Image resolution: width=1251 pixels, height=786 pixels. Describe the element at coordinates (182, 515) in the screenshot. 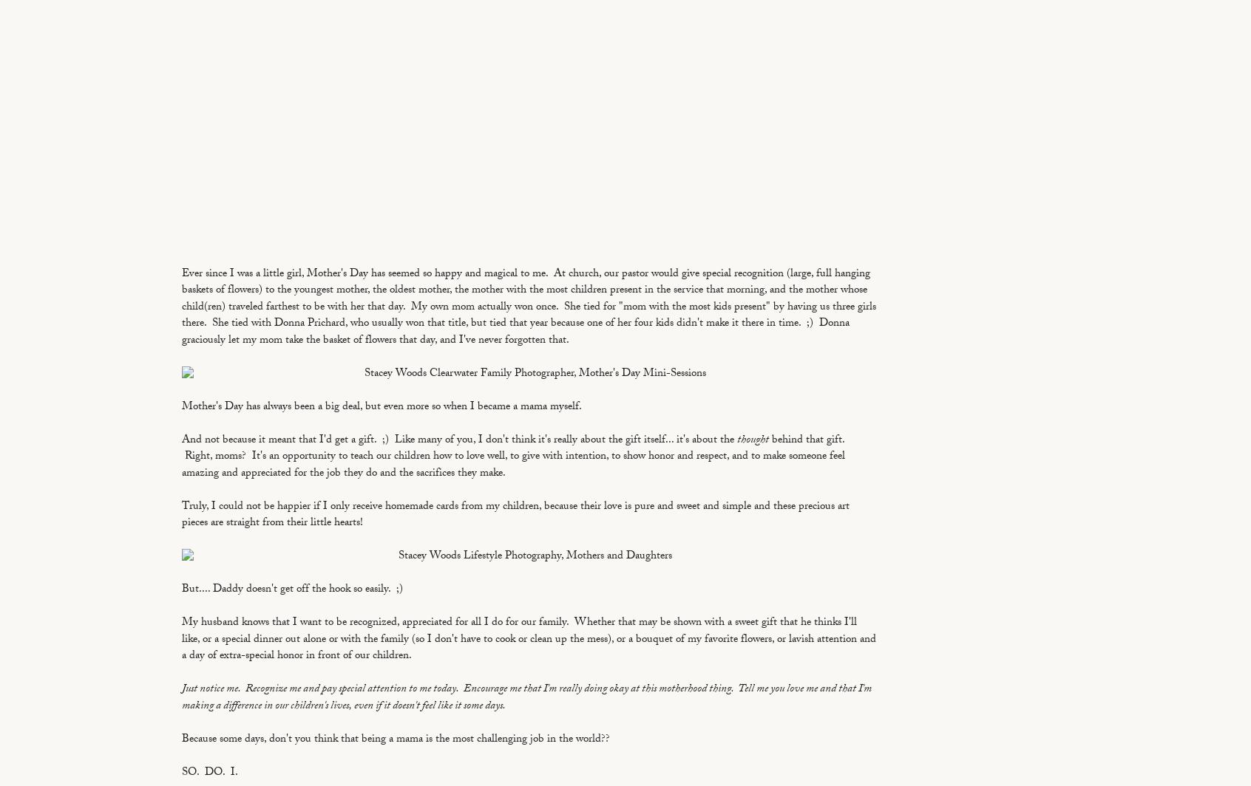

I see `'Truly, I could not be happier if I only receive homemade cards from my children, because their love is pure and sweet and simple and these precious art pieces are straight from their little hearts!'` at that location.